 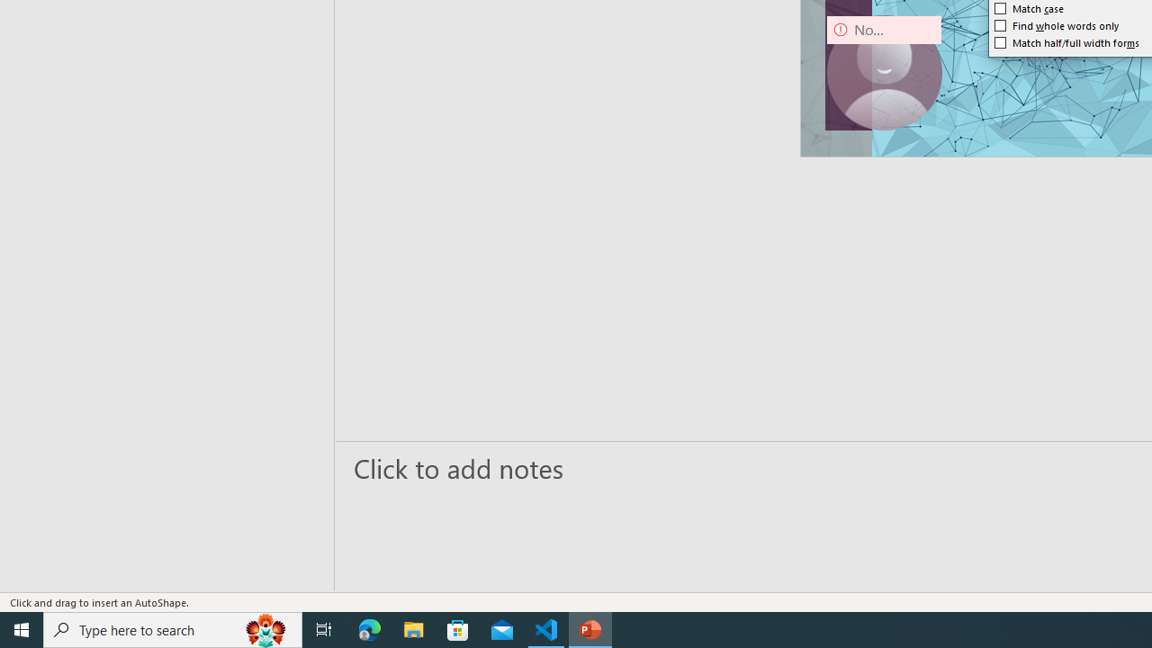 What do you see at coordinates (265, 628) in the screenshot?
I see `'Search highlights icon opens search home window'` at bounding box center [265, 628].